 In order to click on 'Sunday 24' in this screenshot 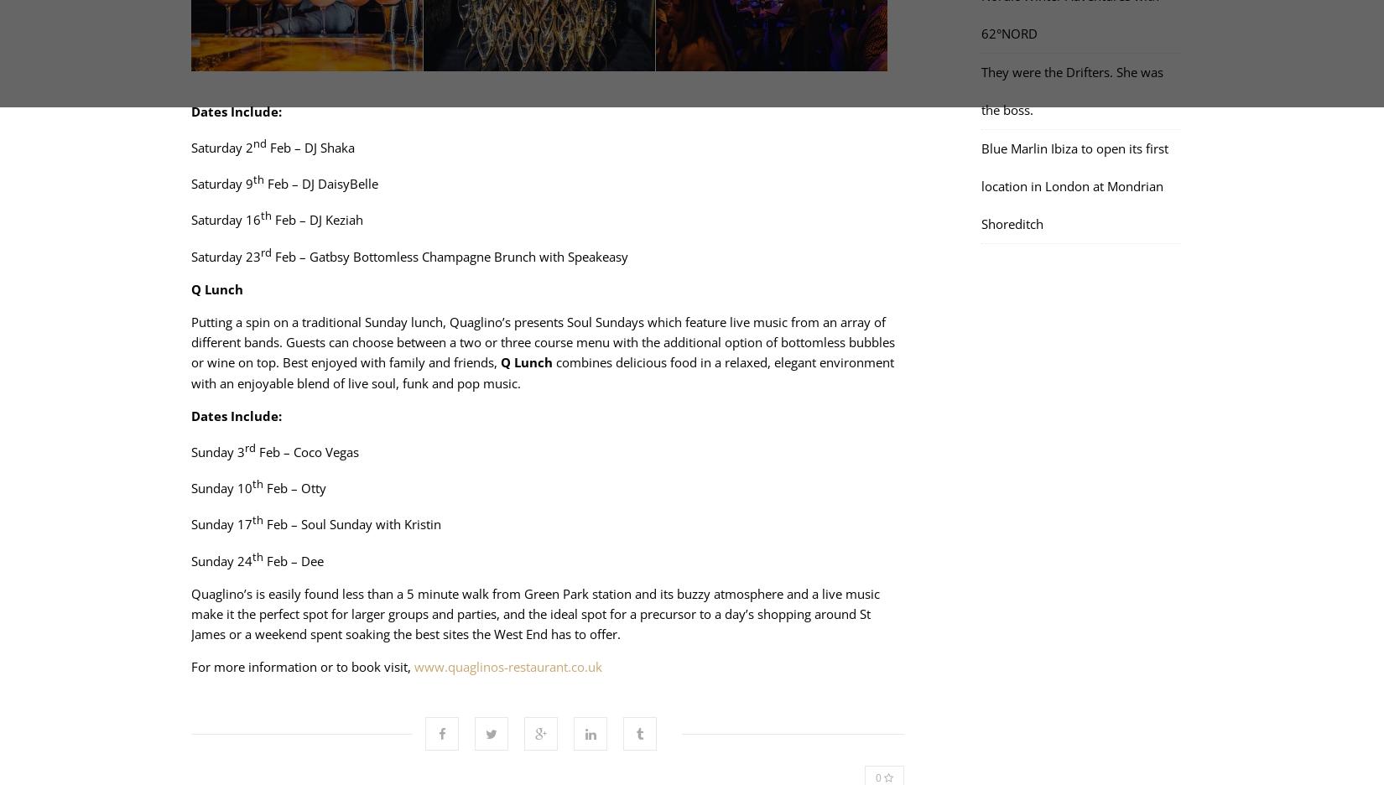, I will do `click(190, 560)`.